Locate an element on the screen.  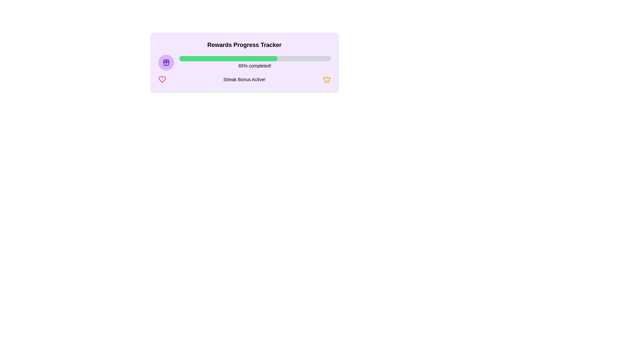
the Progress Bar displaying '65% completed!' which is centered in the 'Rewards Progress Tracker' panel is located at coordinates (244, 63).